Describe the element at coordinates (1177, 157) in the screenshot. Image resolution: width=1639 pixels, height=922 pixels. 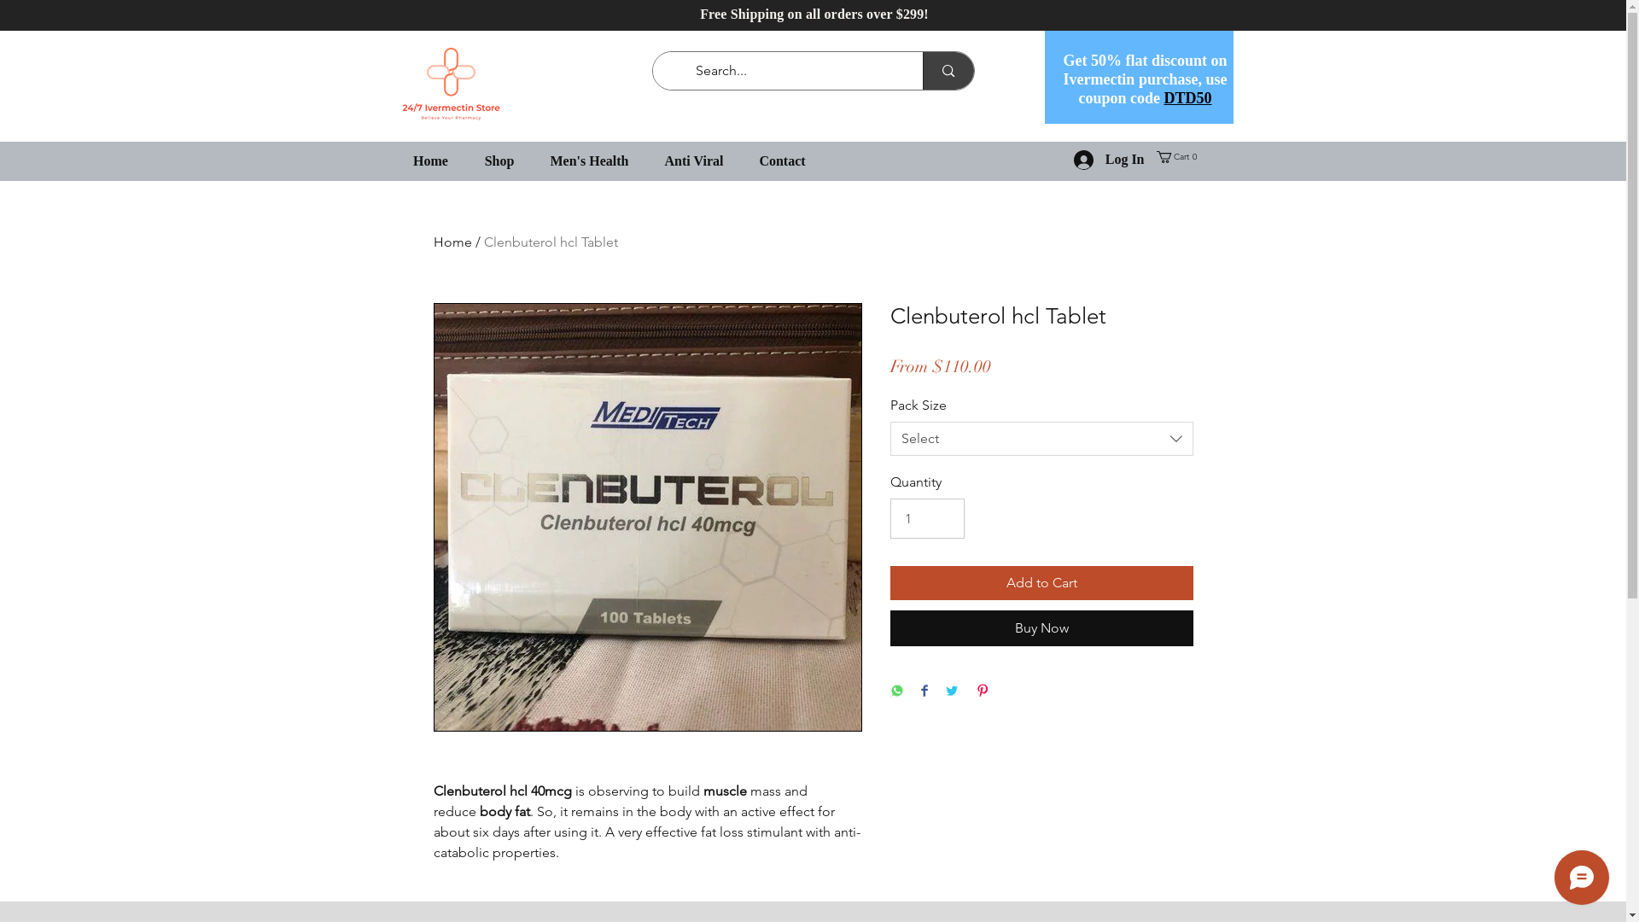
I see `'Cart` at that location.